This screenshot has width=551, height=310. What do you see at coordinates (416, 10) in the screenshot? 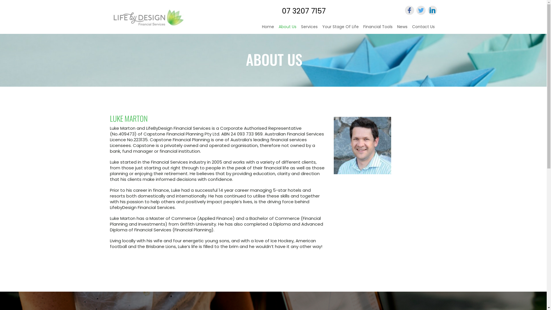
I see `'Visit us on Twitter'` at bounding box center [416, 10].